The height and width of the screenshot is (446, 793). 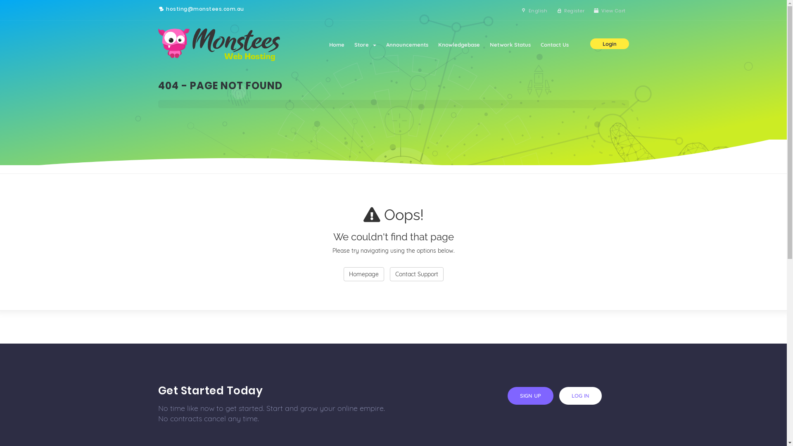 I want to click on 'LOG IN', so click(x=580, y=395).